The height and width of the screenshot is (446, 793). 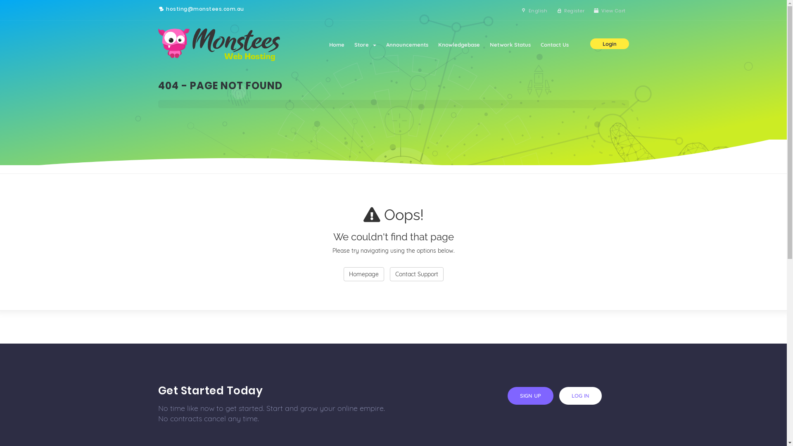 I want to click on 'LOG IN', so click(x=580, y=395).